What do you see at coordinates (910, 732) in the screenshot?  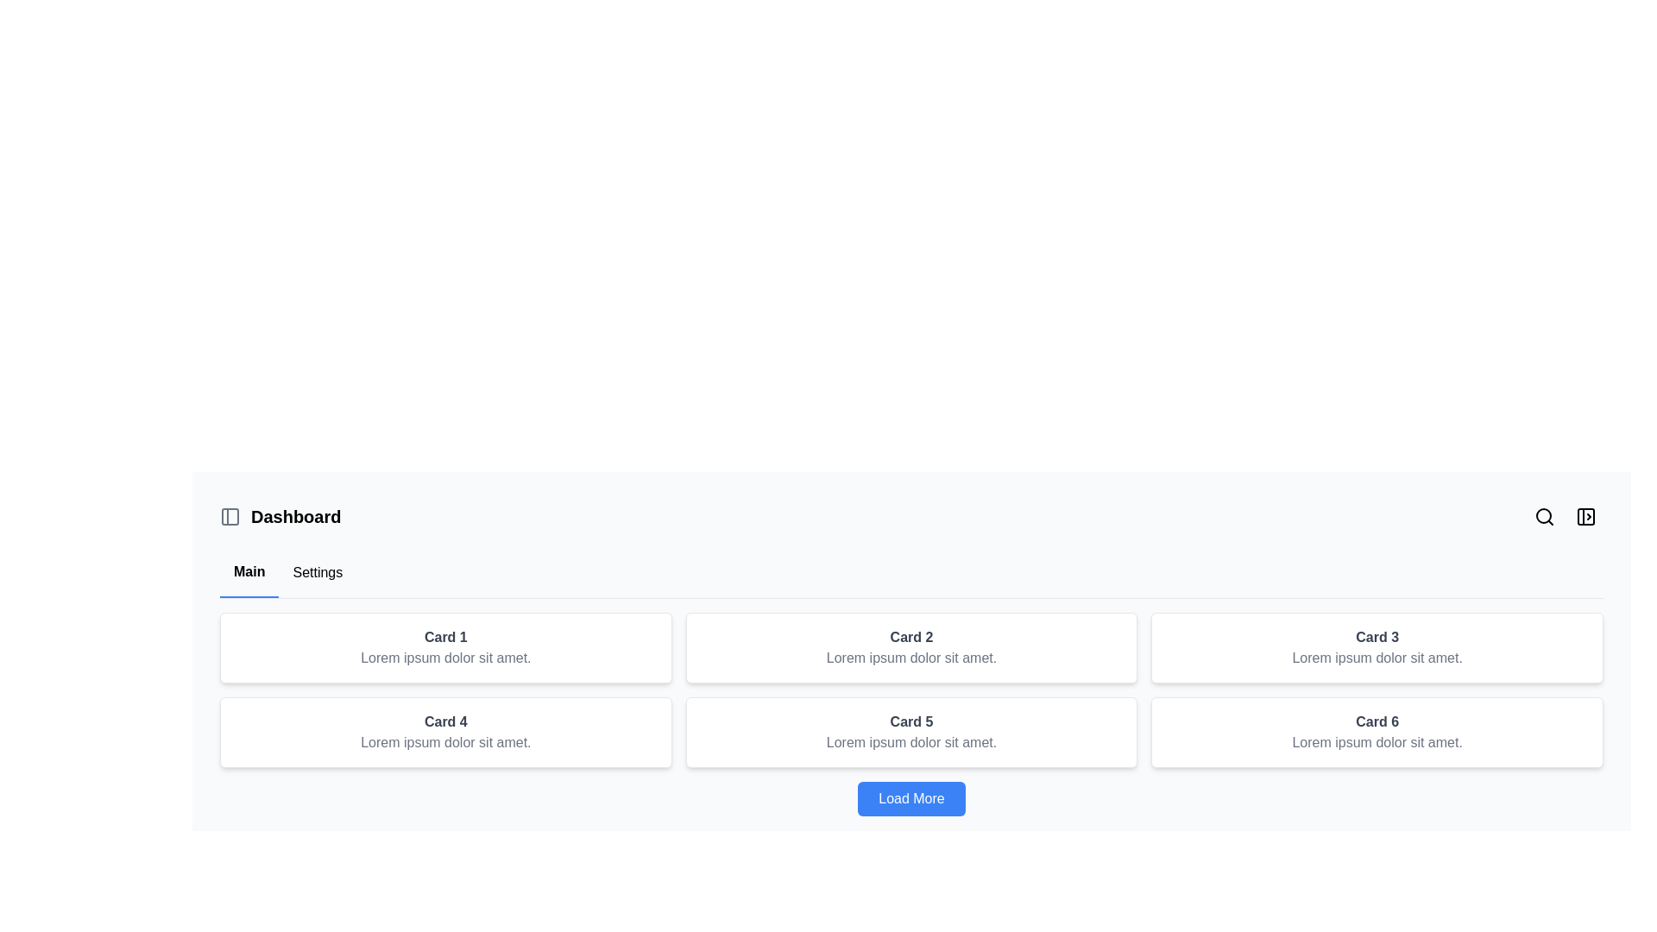 I see `the information displayed on the card located in the middle column of the bottom row in a grid layout, positioned between 'Card 4' and 'Card 6'` at bounding box center [910, 732].